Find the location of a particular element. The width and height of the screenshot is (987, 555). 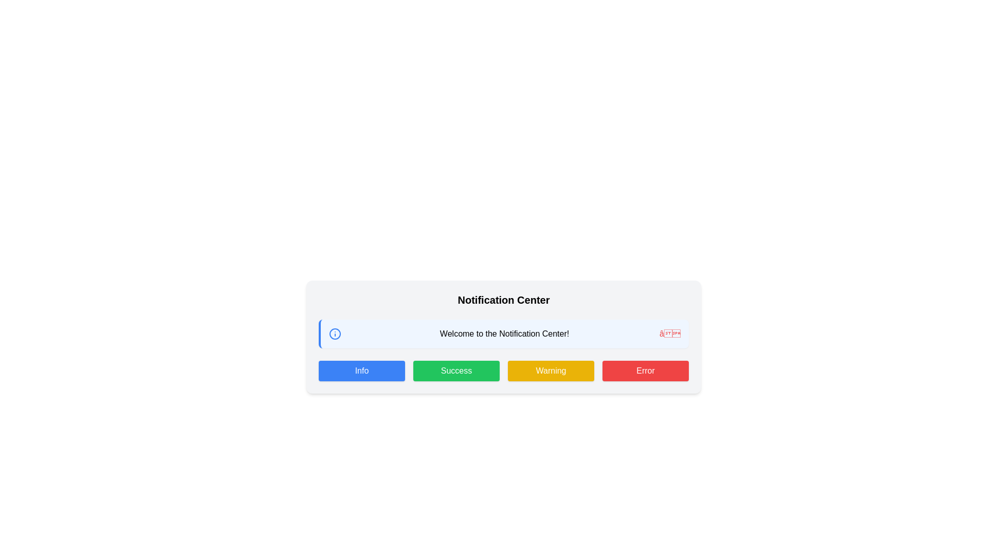

the confirmation button located between the 'Info' button and the 'Warning' button in the notification panel is located at coordinates (456, 371).